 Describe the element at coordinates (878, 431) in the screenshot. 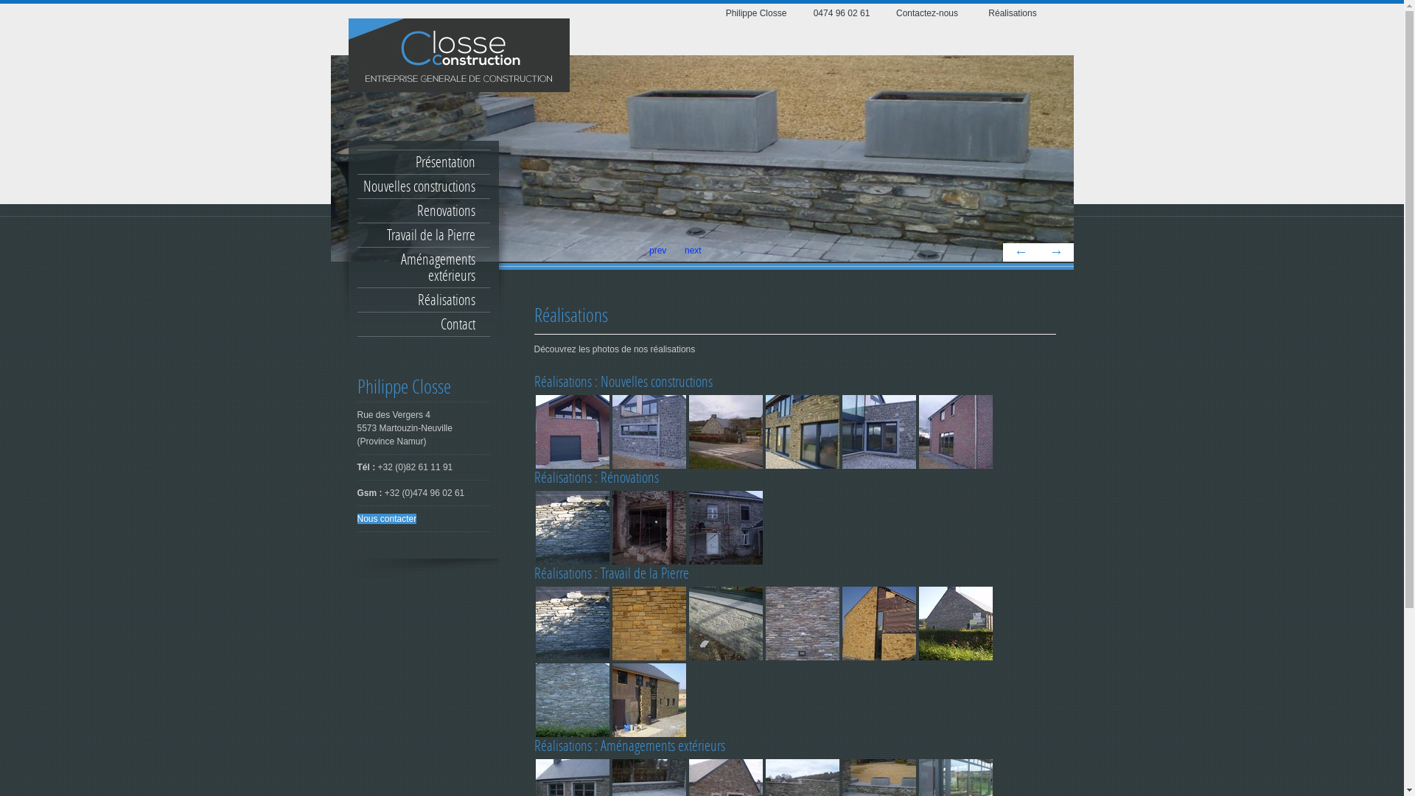

I see `'OLYMPUS DIGITAL CAMERA         '` at that location.